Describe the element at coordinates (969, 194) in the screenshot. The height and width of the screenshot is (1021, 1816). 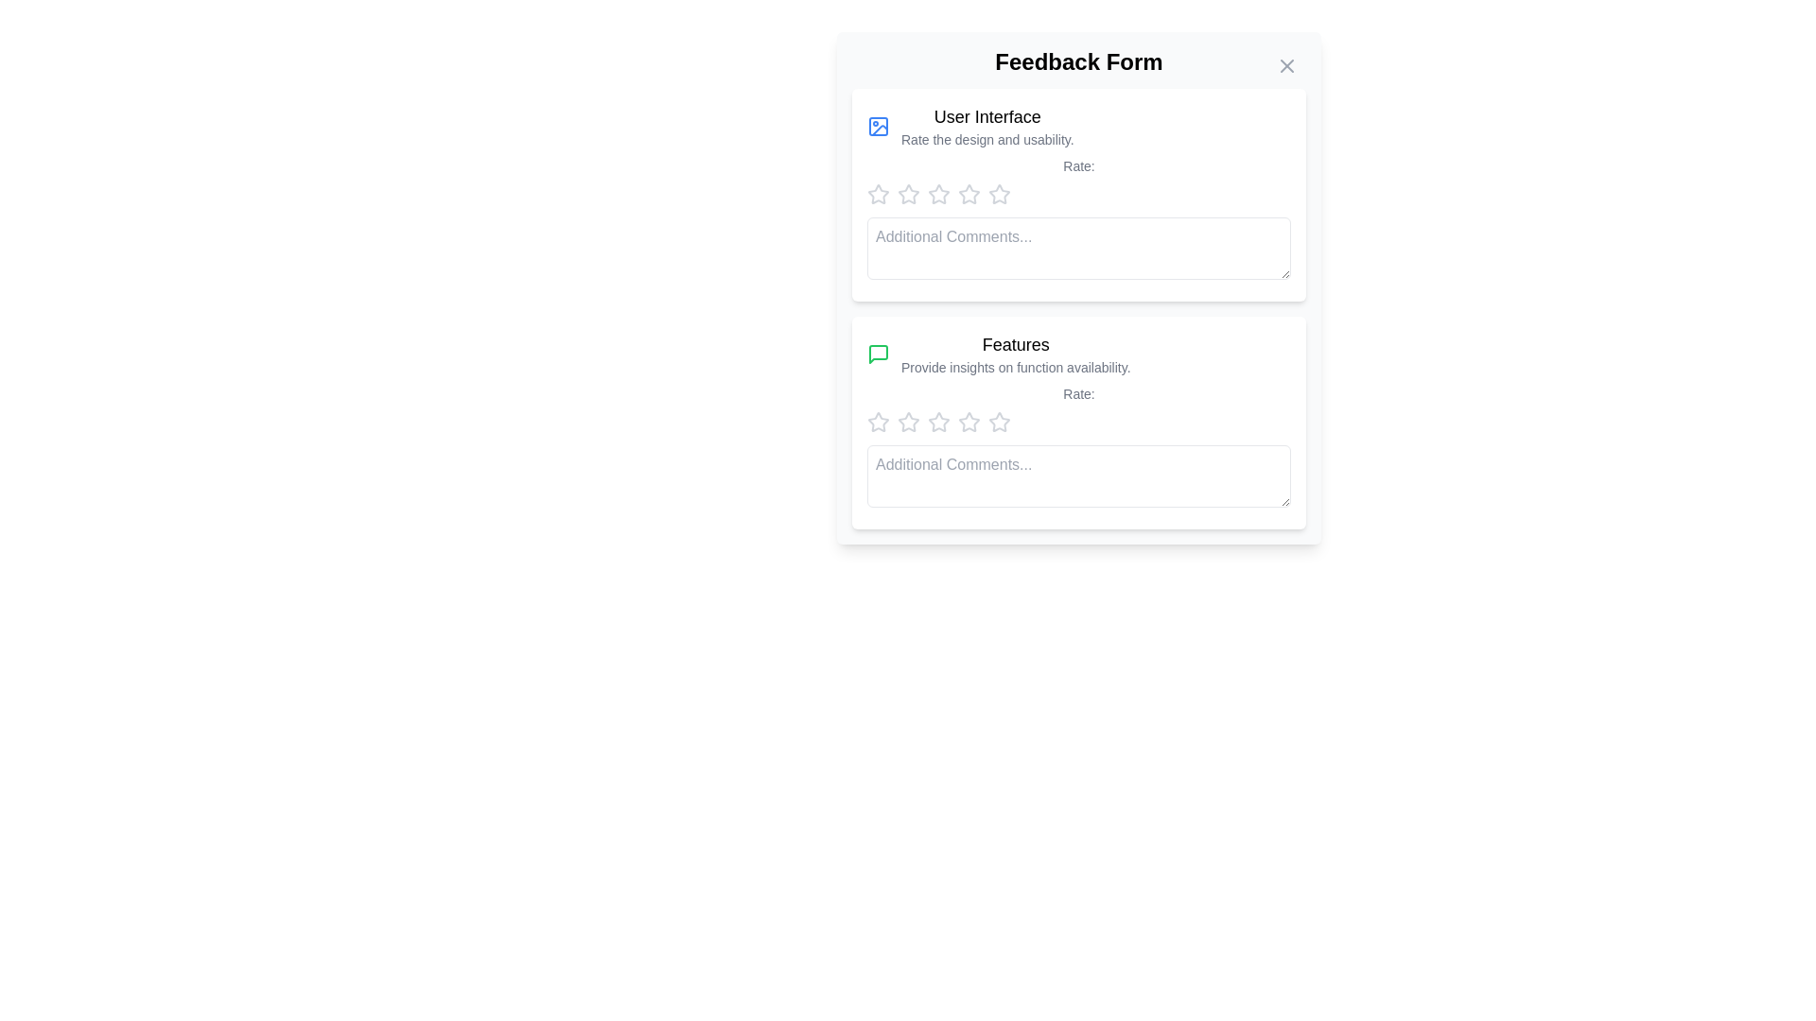
I see `the third star icon in the rating interface` at that location.